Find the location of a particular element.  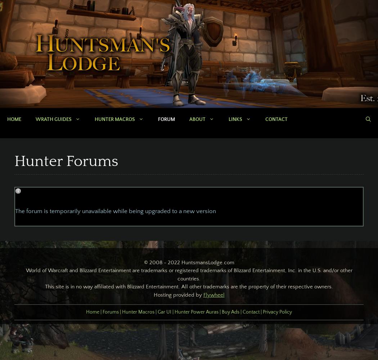

'Privacy Policy' is located at coordinates (277, 312).